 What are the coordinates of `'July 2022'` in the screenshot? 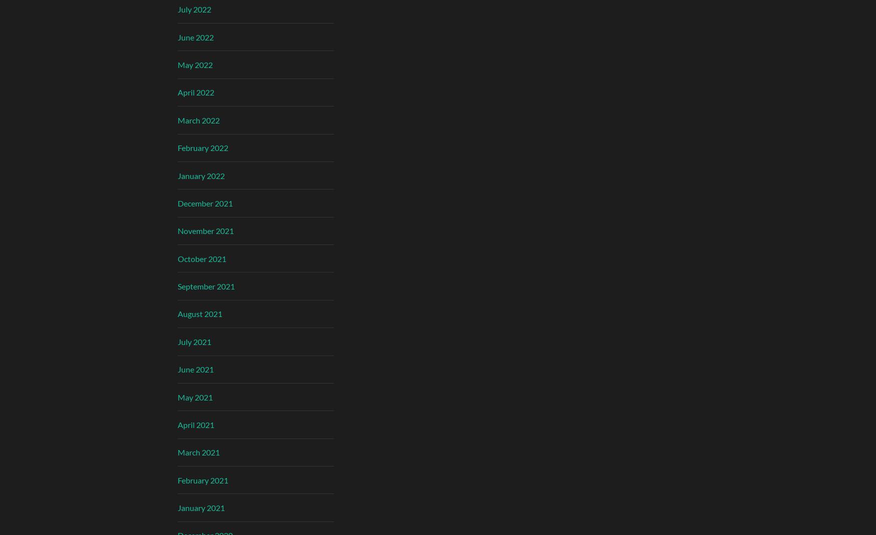 It's located at (194, 8).